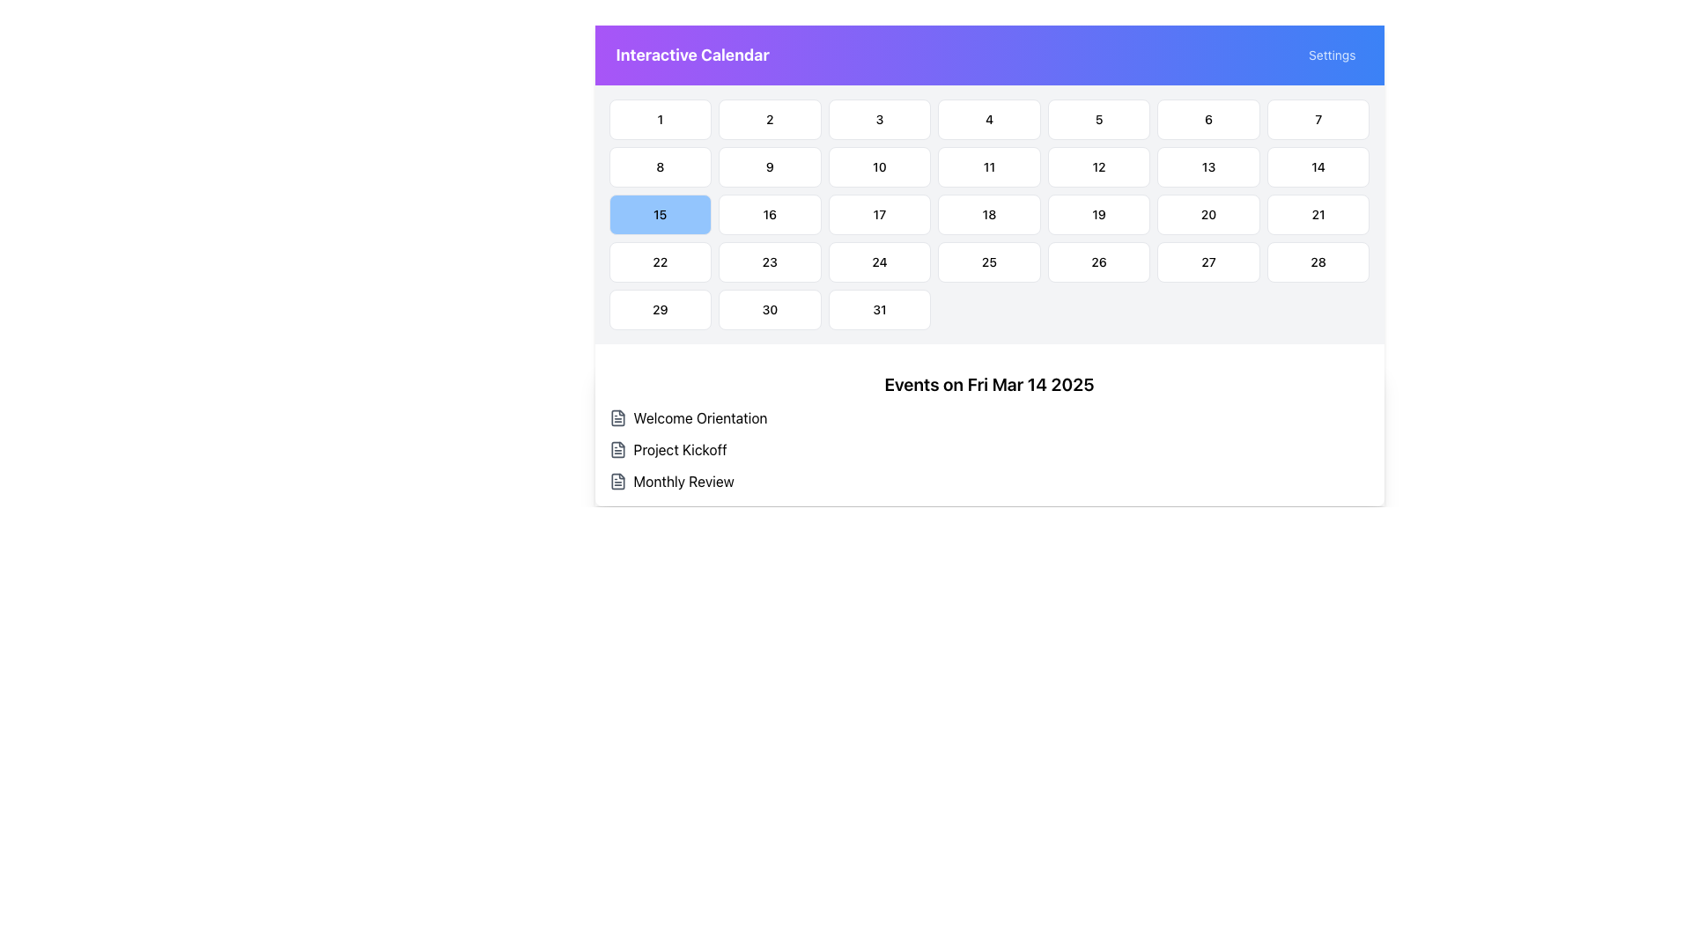 This screenshot has width=1691, height=951. Describe the element at coordinates (1098, 119) in the screenshot. I see `the text label displaying the number '5' in a bold font, located in the first row of the calendar grid, positioned as the fifth item under a purple gradient header` at that location.